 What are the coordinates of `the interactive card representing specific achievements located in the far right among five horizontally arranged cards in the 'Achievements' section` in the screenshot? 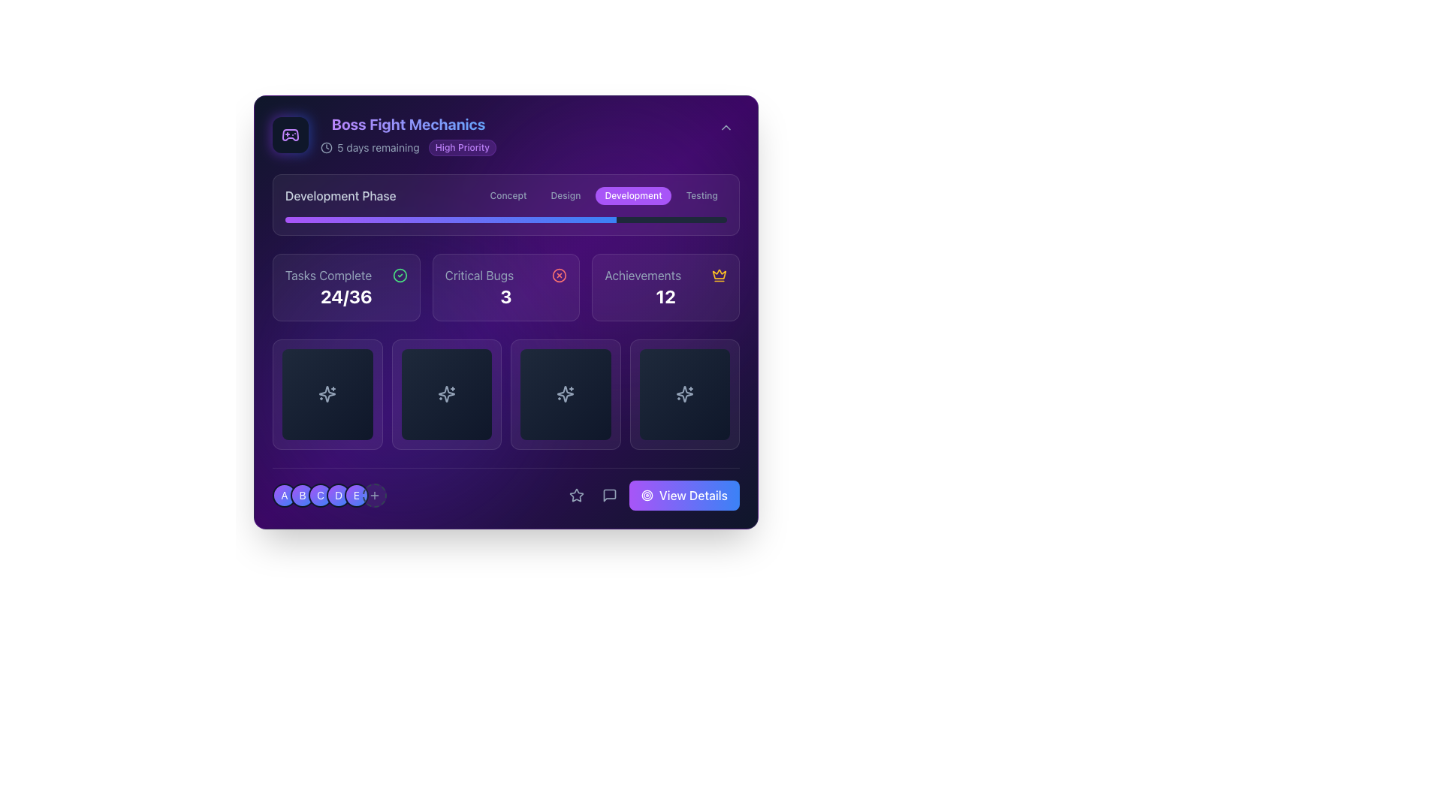 It's located at (683, 393).